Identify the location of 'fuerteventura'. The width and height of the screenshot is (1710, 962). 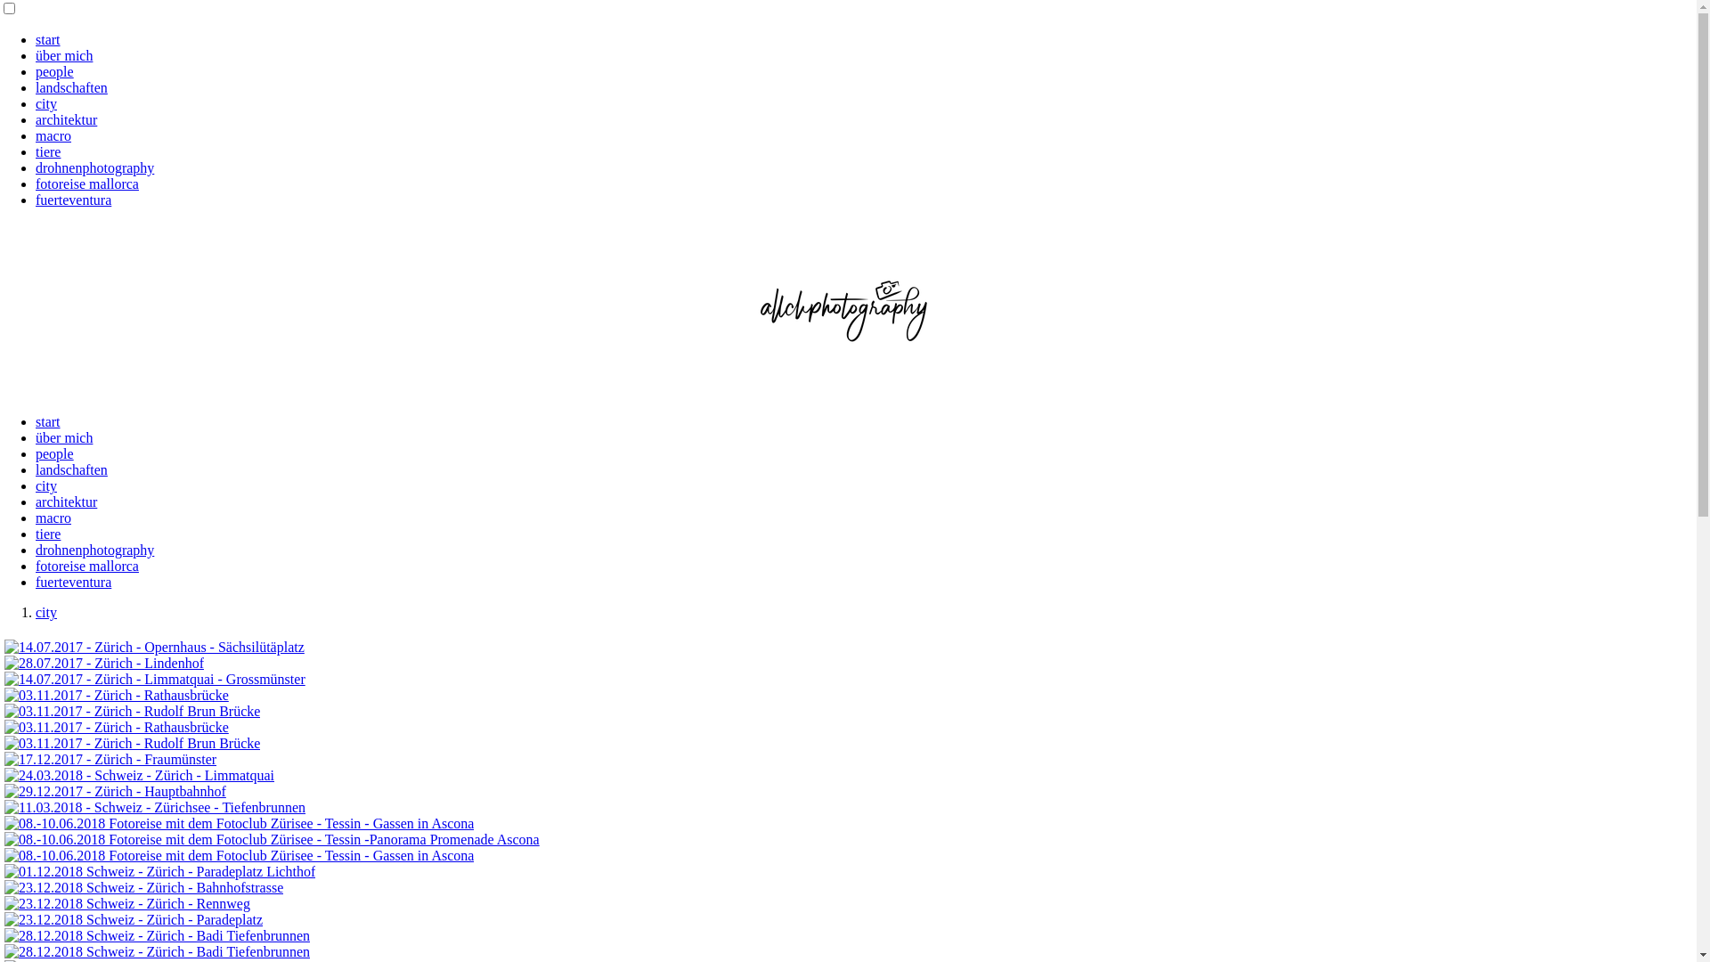
(72, 200).